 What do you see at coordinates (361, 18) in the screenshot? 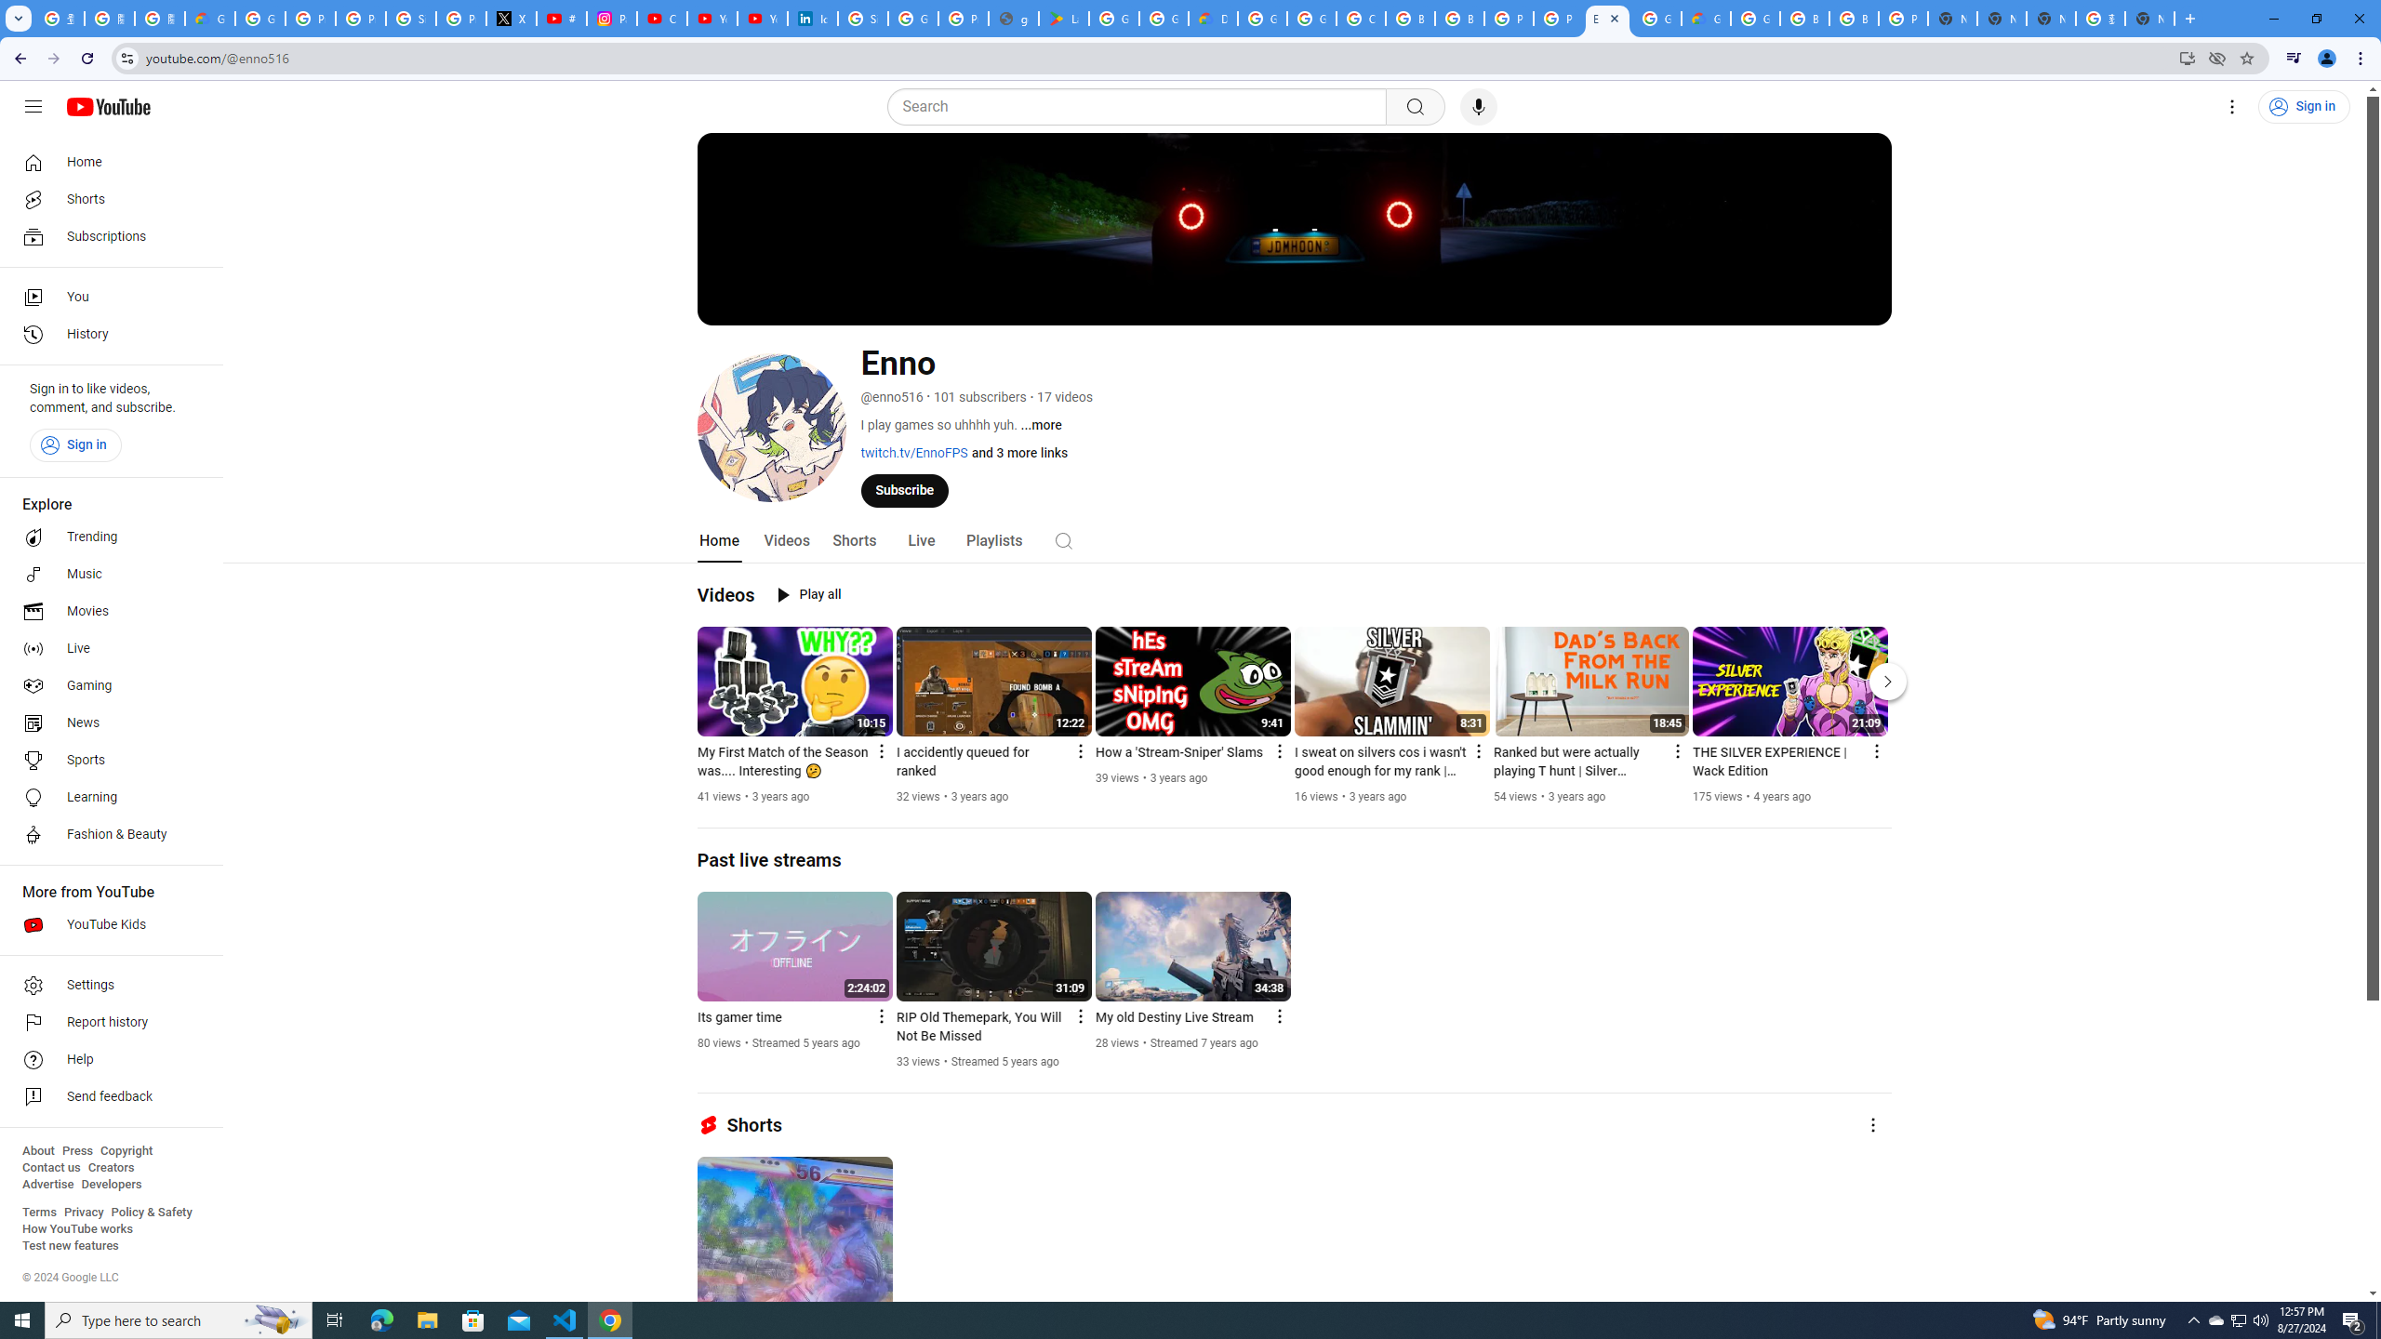
I see `'Privacy Help Center - Policies Help'` at bounding box center [361, 18].